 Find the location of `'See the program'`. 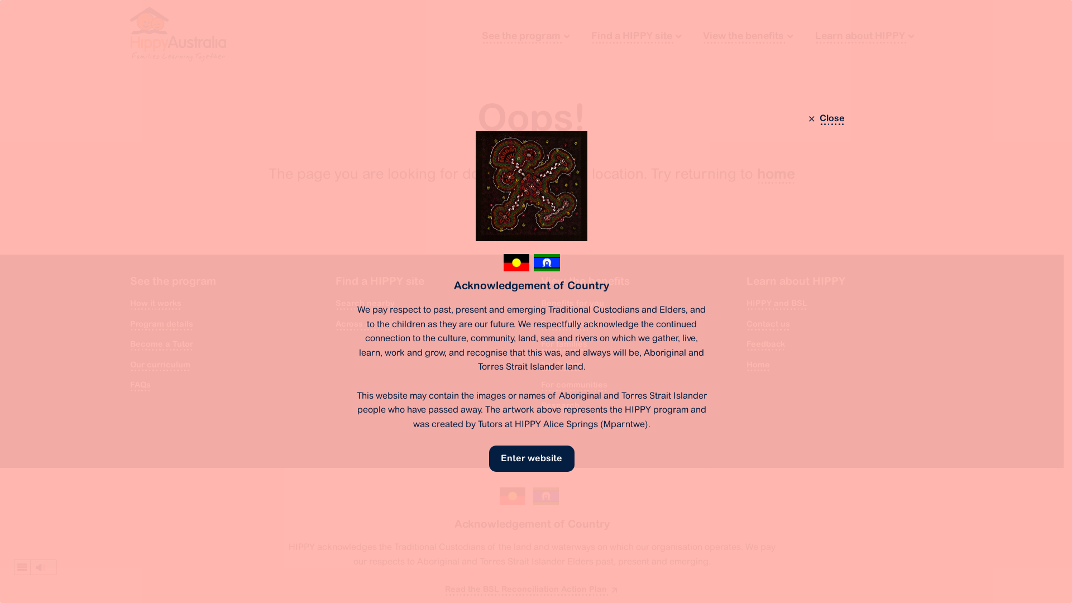

'See the program' is located at coordinates (524, 35).